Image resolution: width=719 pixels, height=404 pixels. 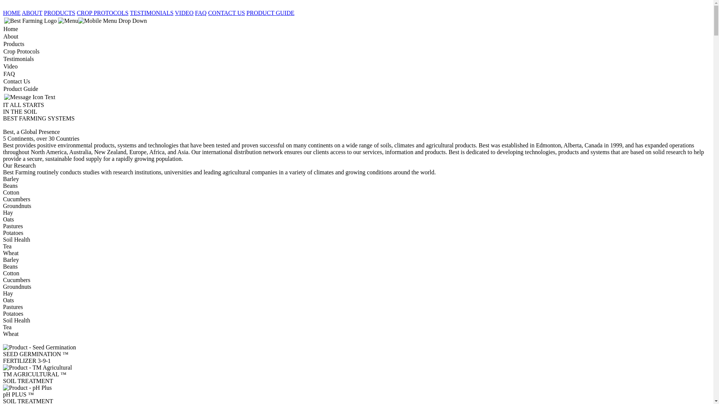 What do you see at coordinates (130, 13) in the screenshot?
I see `'TESTIMONIALS'` at bounding box center [130, 13].